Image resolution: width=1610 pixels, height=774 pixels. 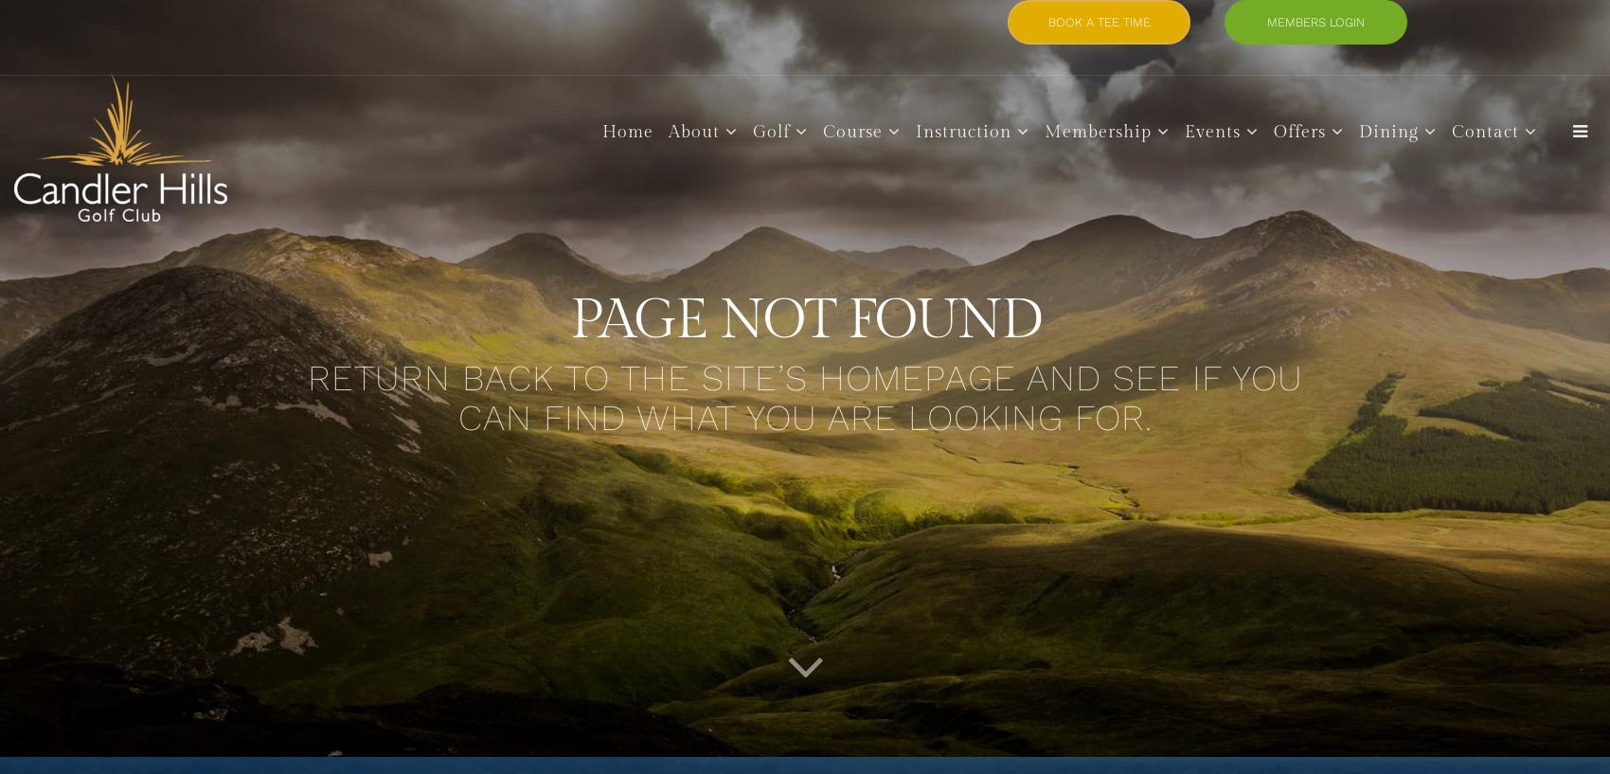 What do you see at coordinates (1099, 20) in the screenshot?
I see `'BOOK A TEE TIME'` at bounding box center [1099, 20].